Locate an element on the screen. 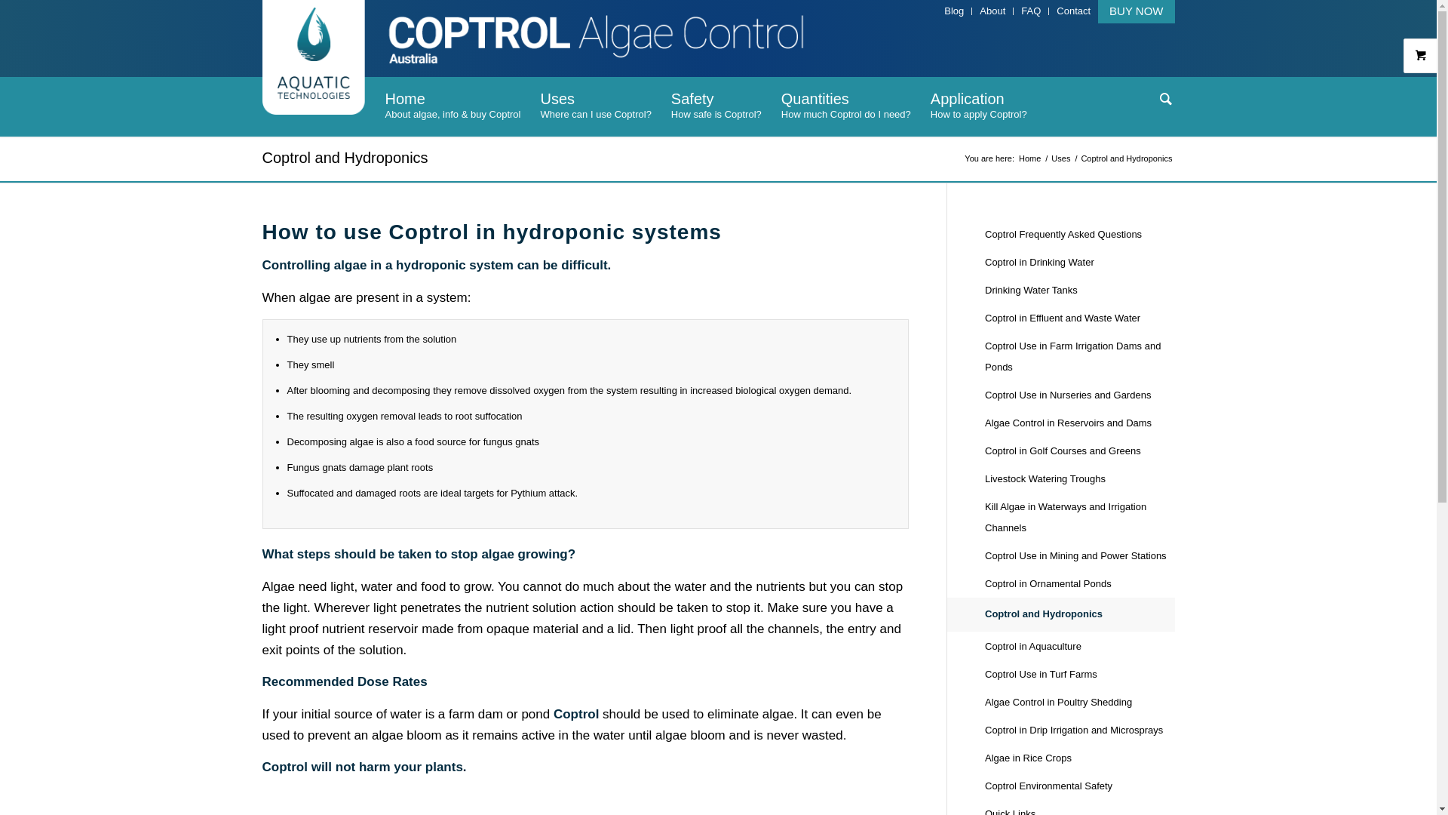 The height and width of the screenshot is (815, 1448). 'Coptrol Use in Farm Irrigation Dams and Ponds' is located at coordinates (1078, 357).